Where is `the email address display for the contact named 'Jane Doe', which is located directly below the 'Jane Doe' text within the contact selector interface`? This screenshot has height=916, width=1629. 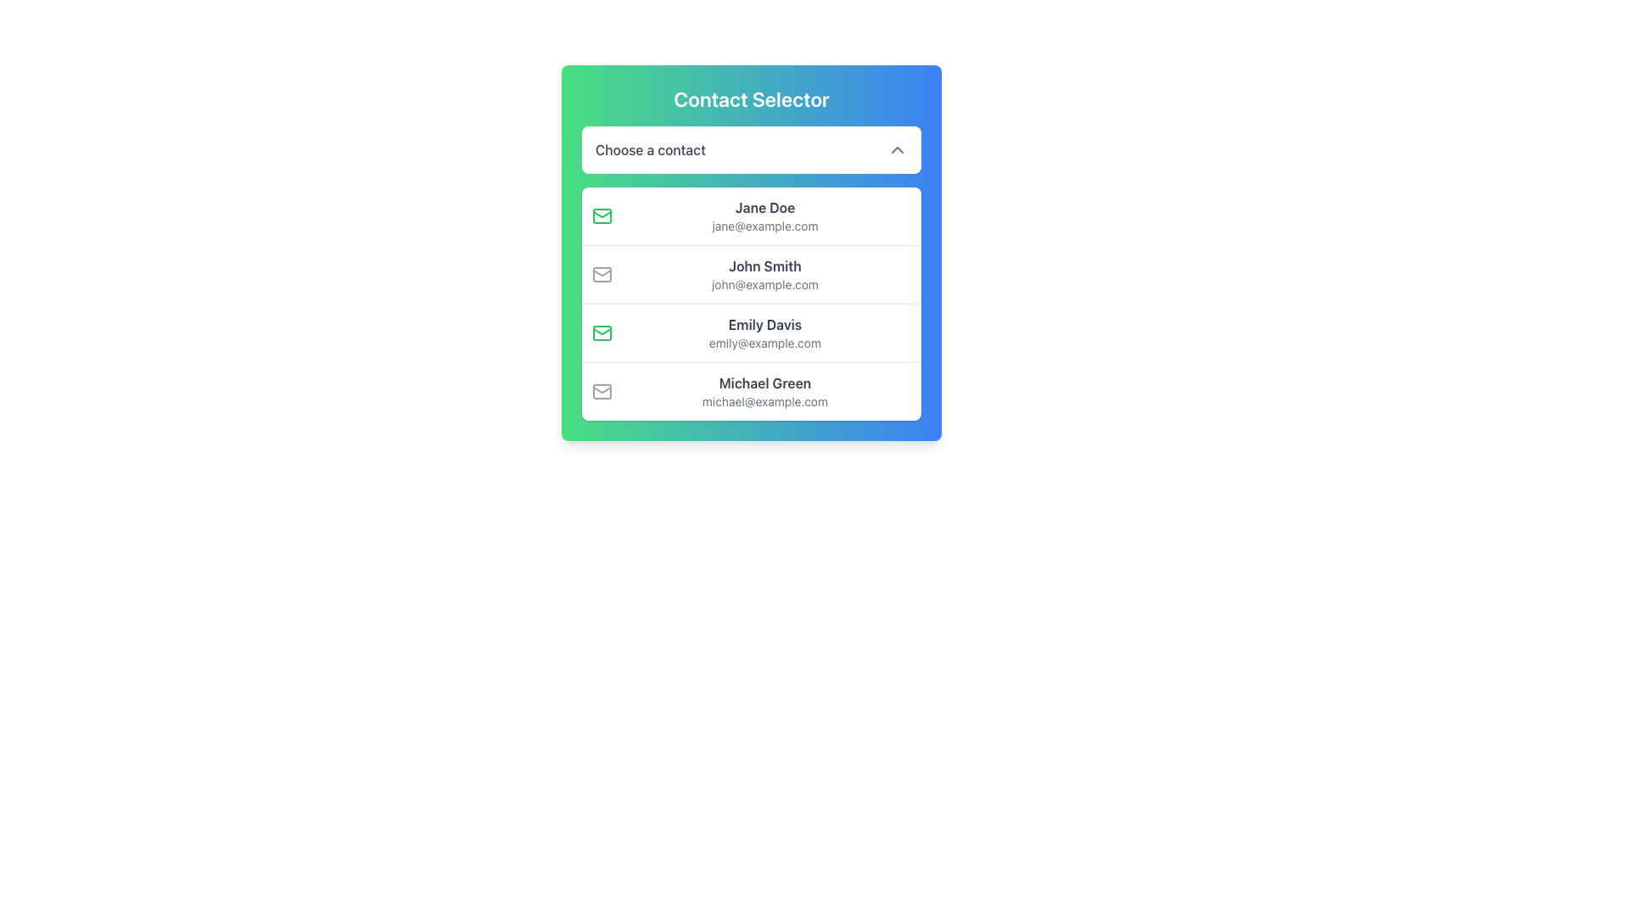 the email address display for the contact named 'Jane Doe', which is located directly below the 'Jane Doe' text within the contact selector interface is located at coordinates (764, 225).